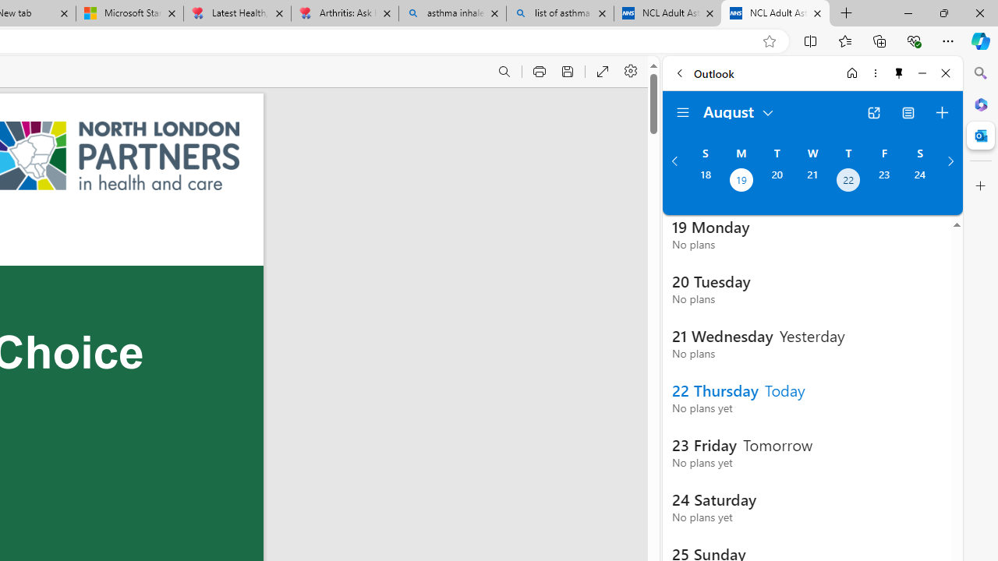 The image size is (998, 561). I want to click on 'Sunday, August 18, 2024. ', so click(704, 181).